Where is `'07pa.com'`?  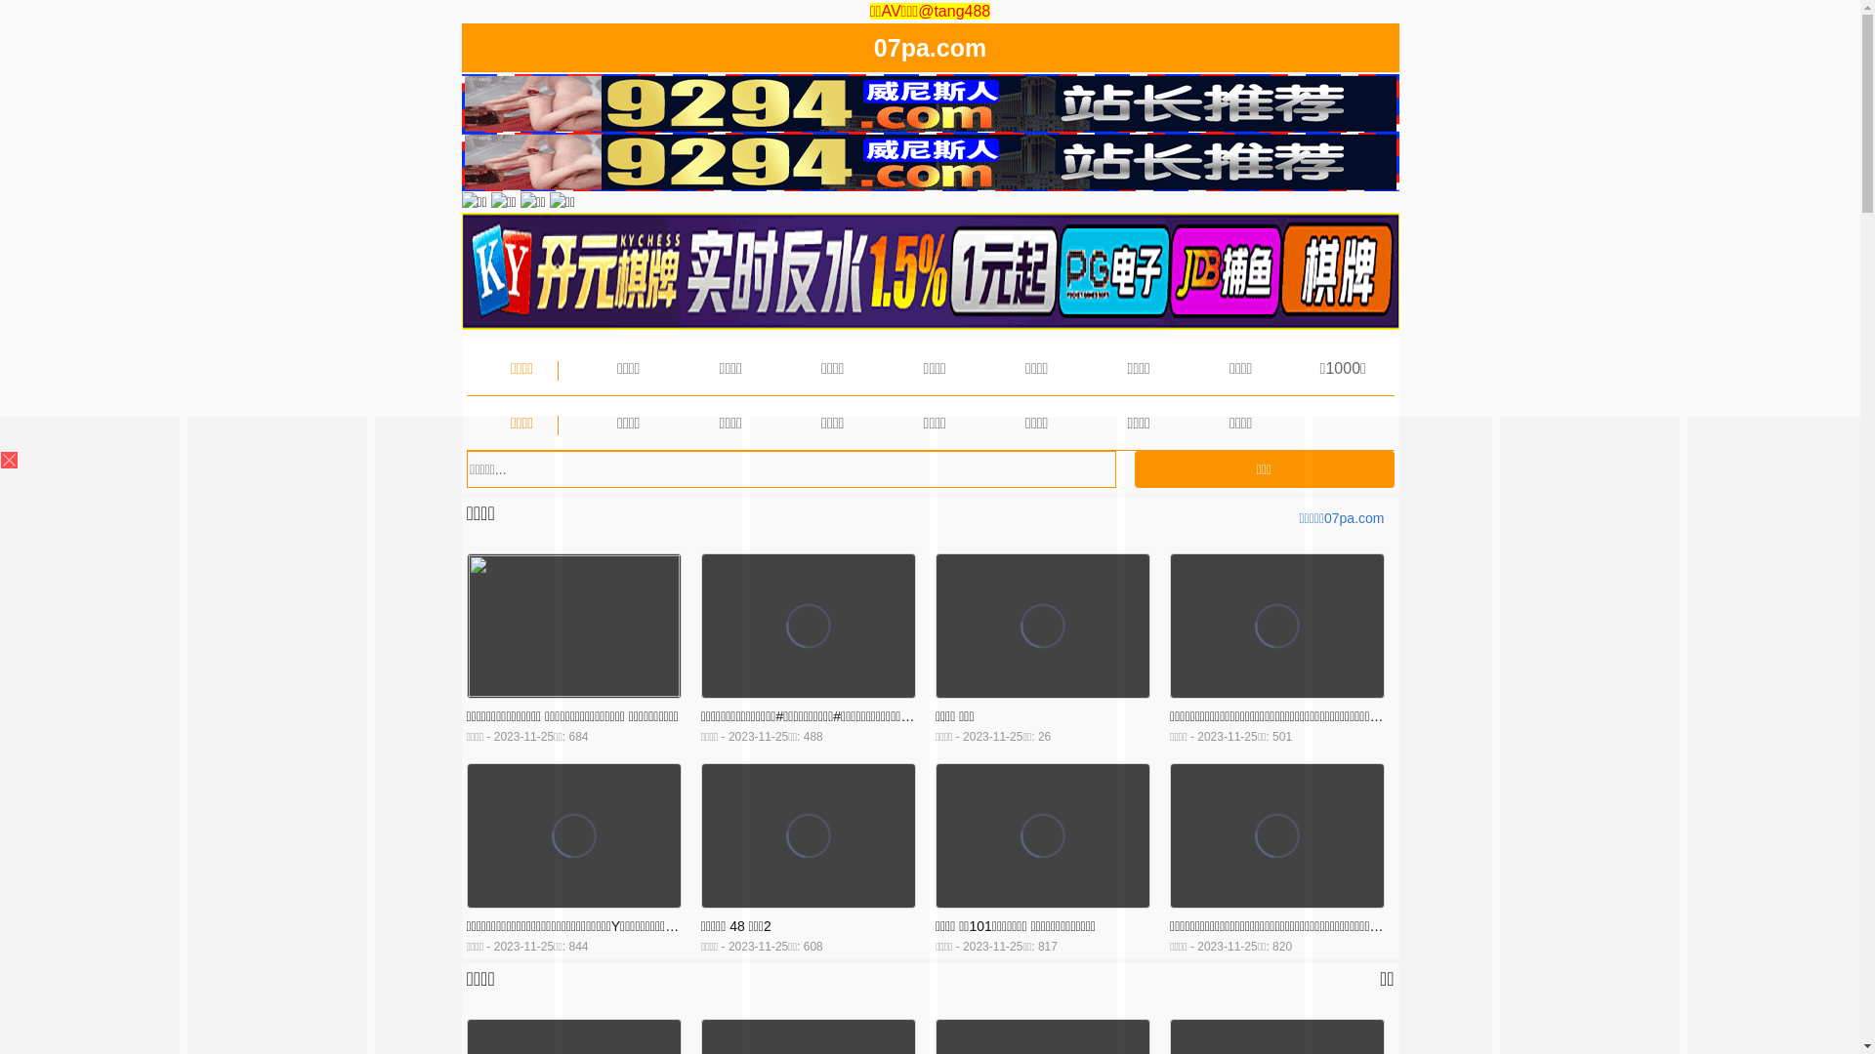
'07pa.com' is located at coordinates (872, 51).